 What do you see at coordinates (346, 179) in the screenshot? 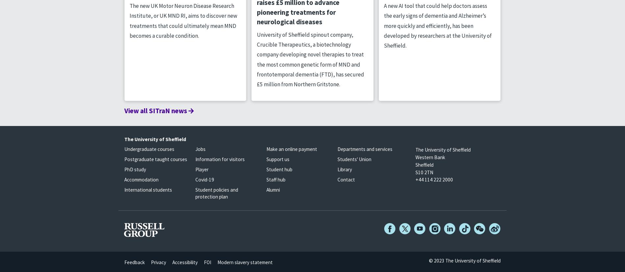
I see `'Contact'` at bounding box center [346, 179].